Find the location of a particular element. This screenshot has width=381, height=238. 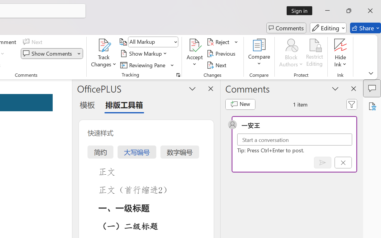

'Cancel' is located at coordinates (343, 162).